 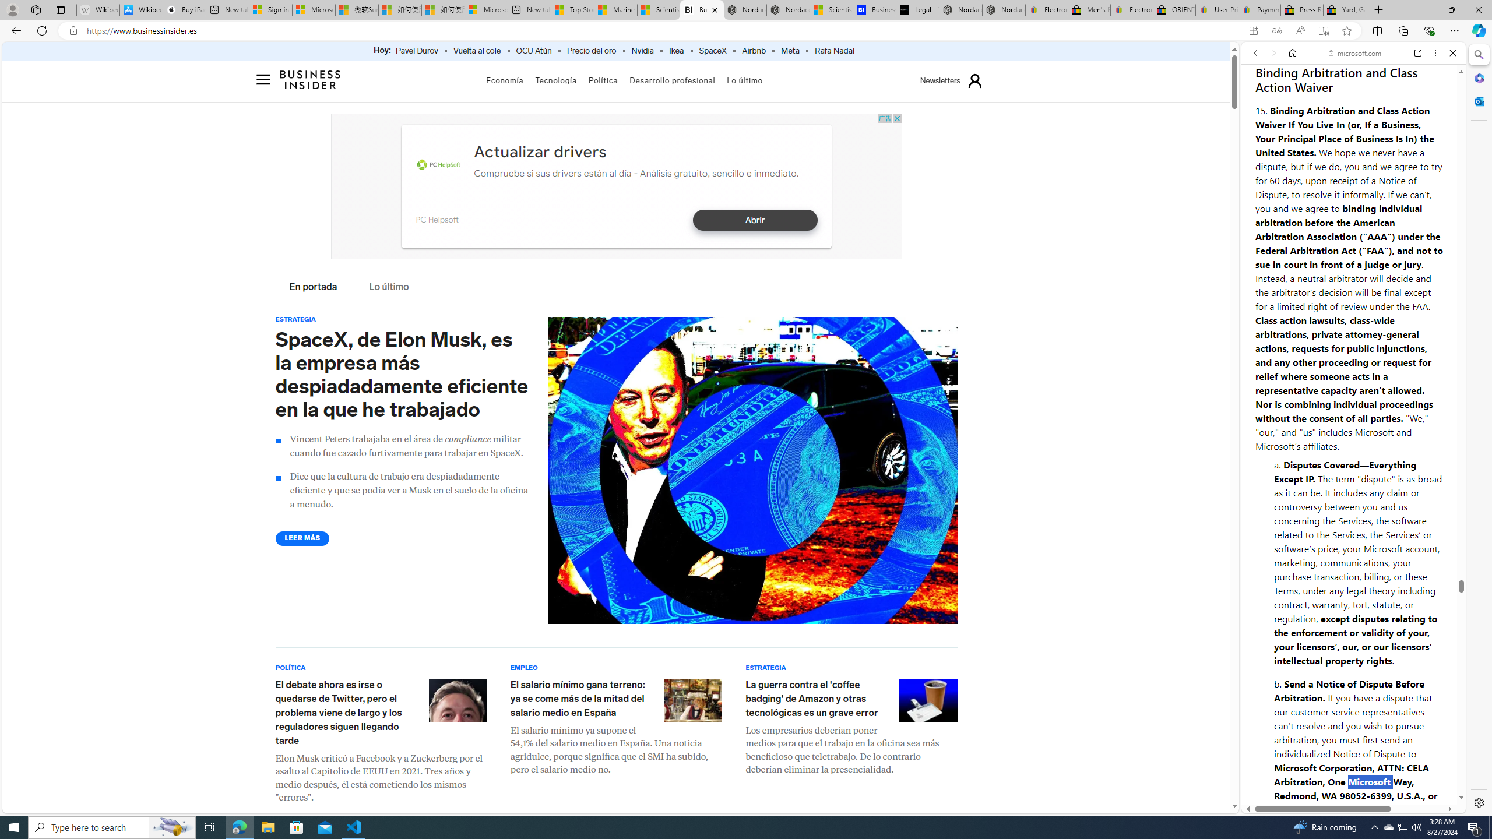 What do you see at coordinates (675, 51) in the screenshot?
I see `'Ikea'` at bounding box center [675, 51].